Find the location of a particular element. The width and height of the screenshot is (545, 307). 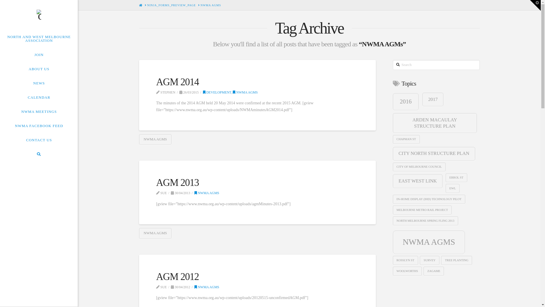

'AGM 2013' is located at coordinates (177, 182).